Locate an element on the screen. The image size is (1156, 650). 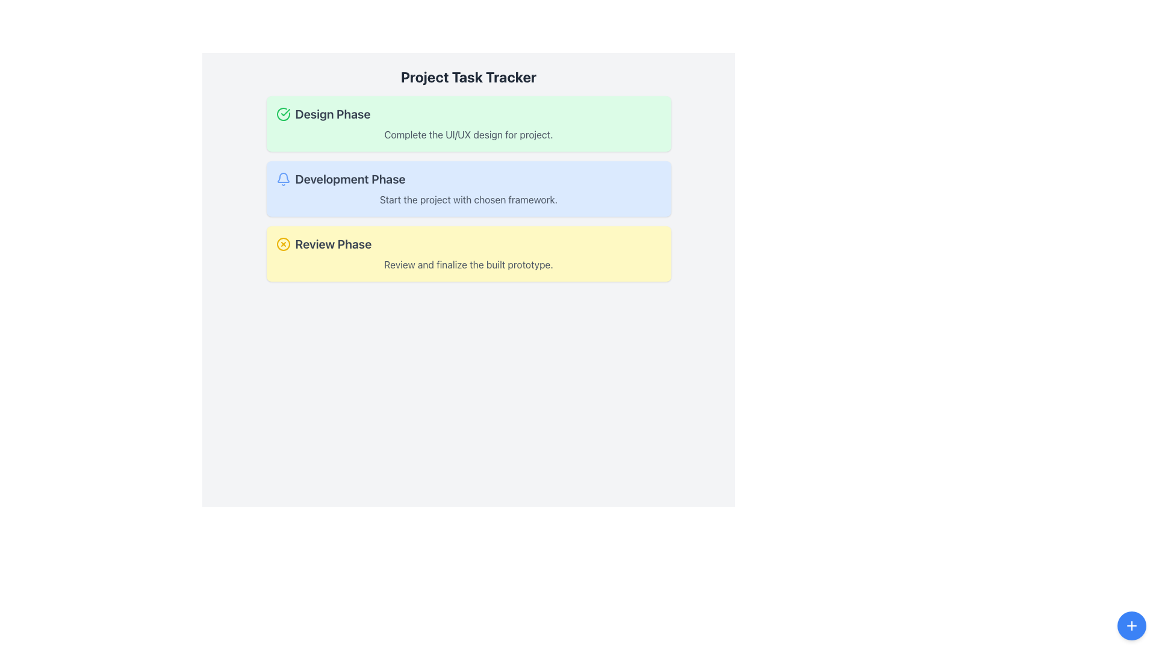
information from the 'Review Phase' Informational Card, which is the third card in the Project Task Tracker panel is located at coordinates (468, 253).